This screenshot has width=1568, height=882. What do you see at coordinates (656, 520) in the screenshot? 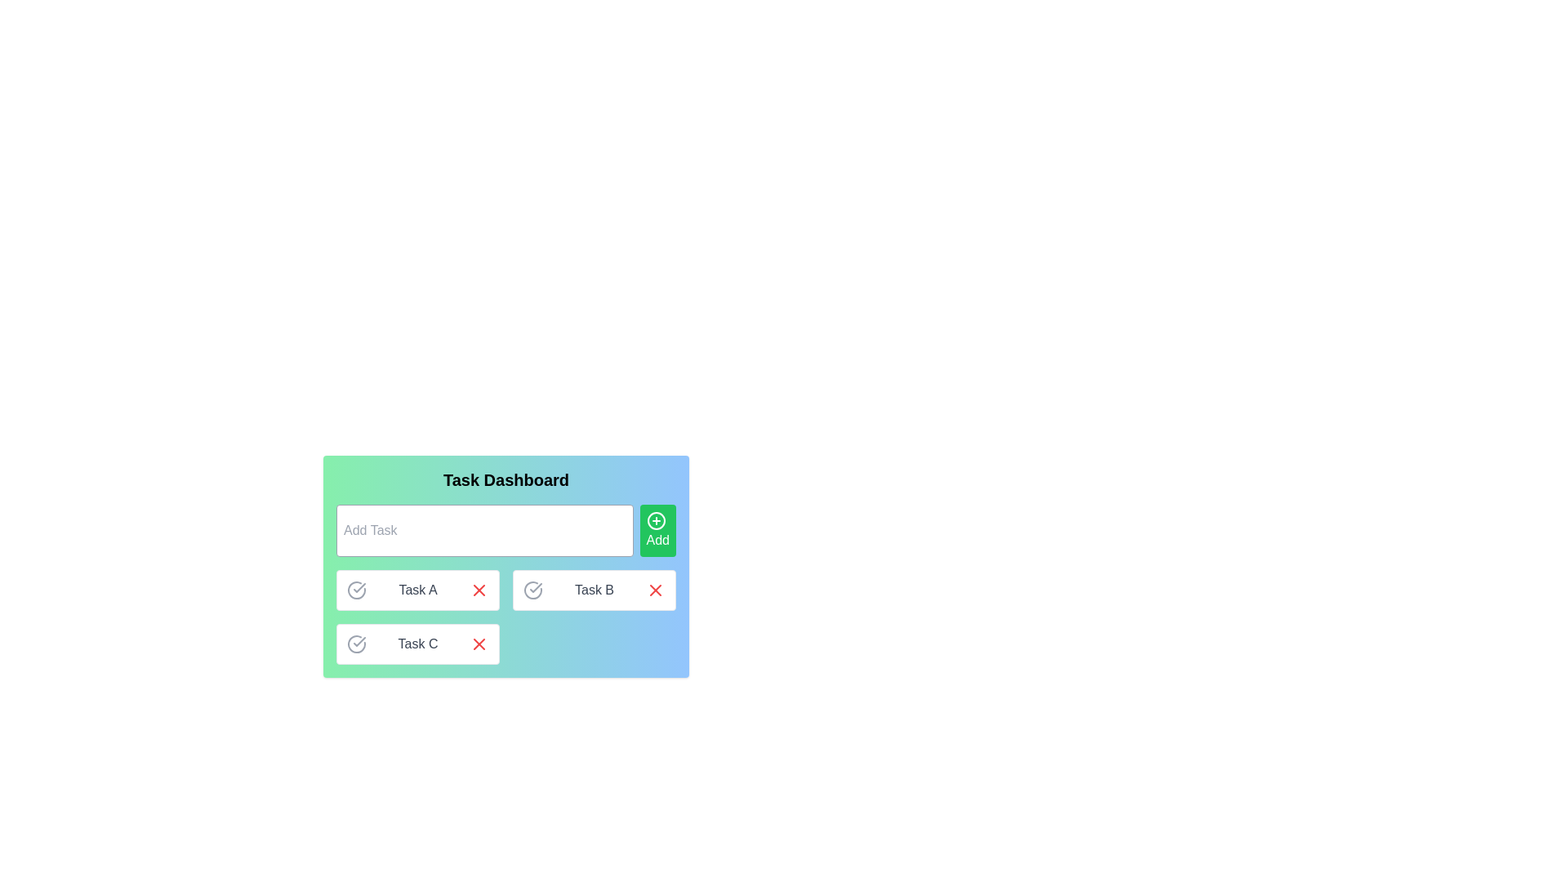
I see `the SVG circle element that is part of the 'Add' button icon located in the top right corner of the Task Dashboard interface` at bounding box center [656, 520].